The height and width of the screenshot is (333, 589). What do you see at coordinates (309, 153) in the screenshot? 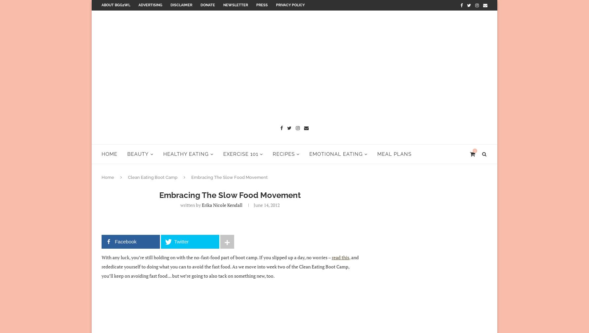
I see `'Emotional Eating'` at bounding box center [309, 153].